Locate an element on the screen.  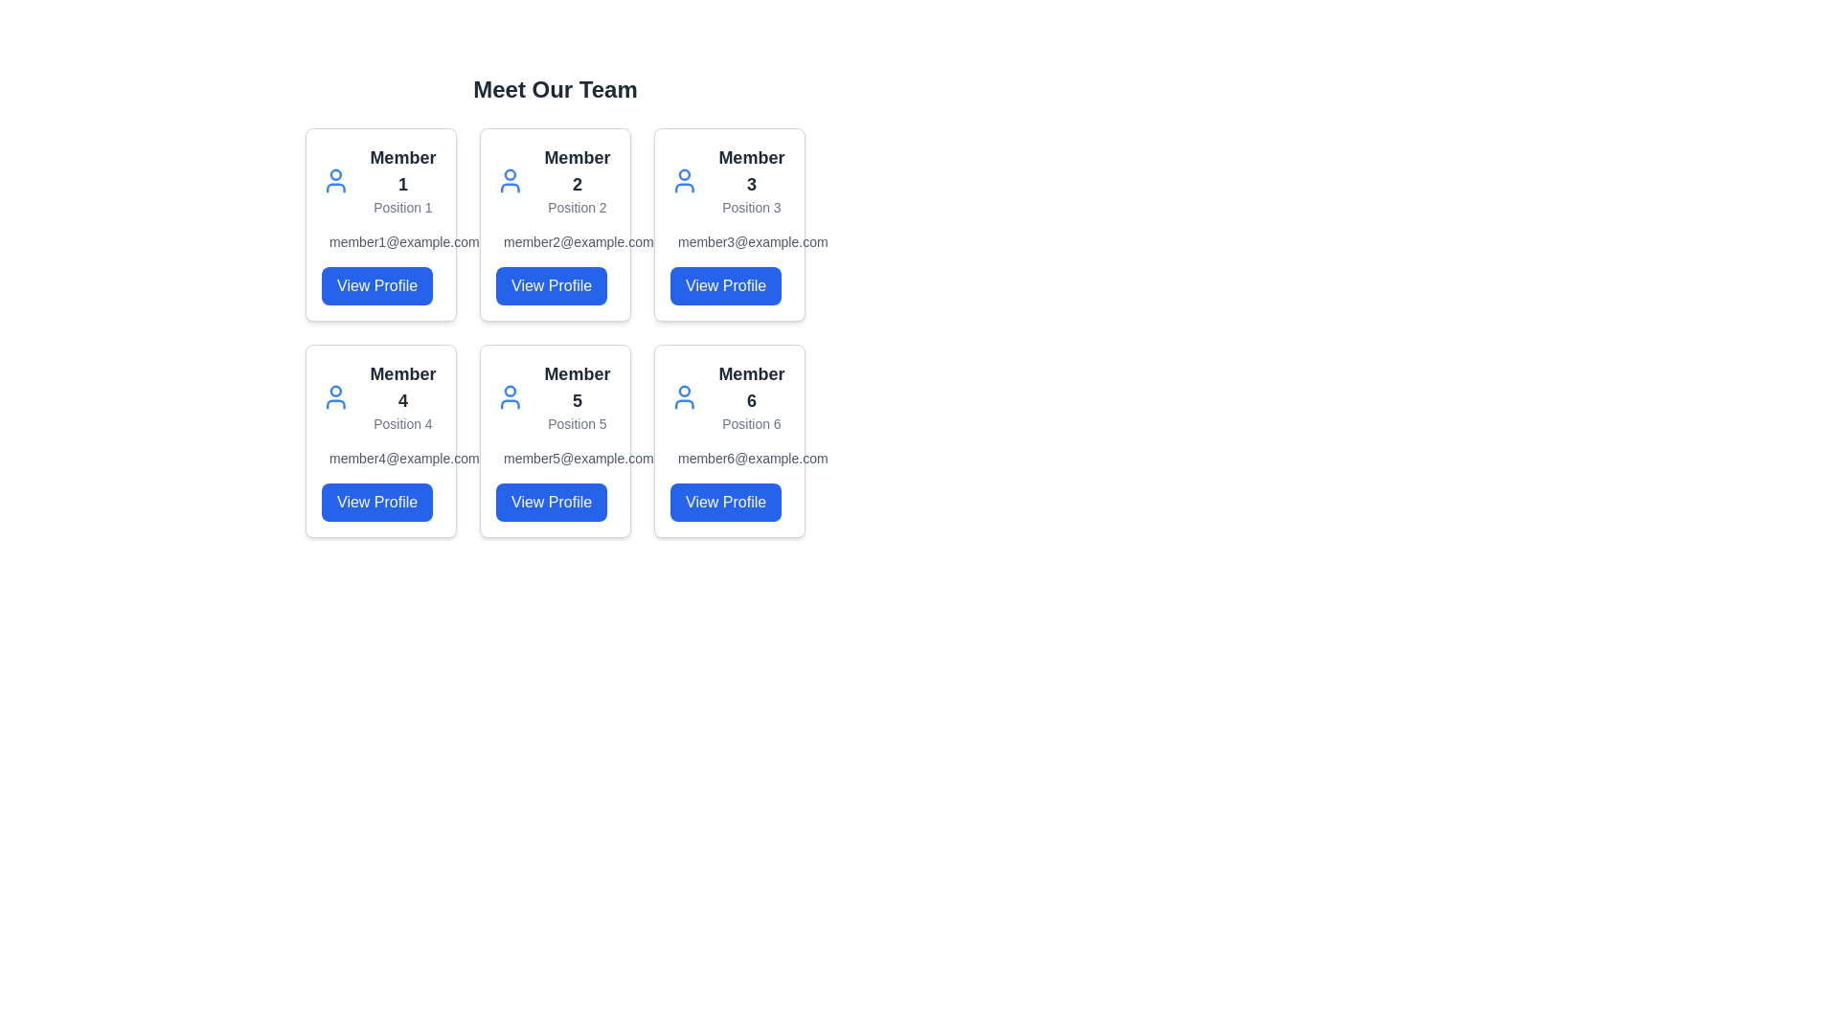
the 'View Profile' button with a blue background and white text located in the lower-right corner of the card for 'Member 4' is located at coordinates (377, 501).